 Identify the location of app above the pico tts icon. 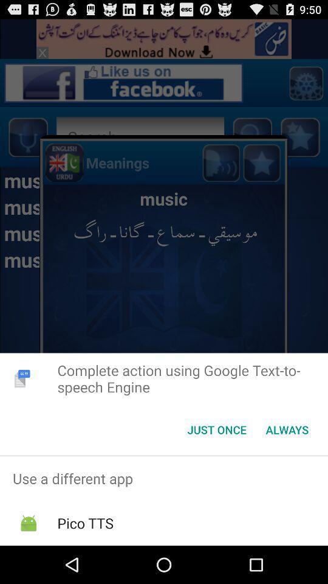
(164, 478).